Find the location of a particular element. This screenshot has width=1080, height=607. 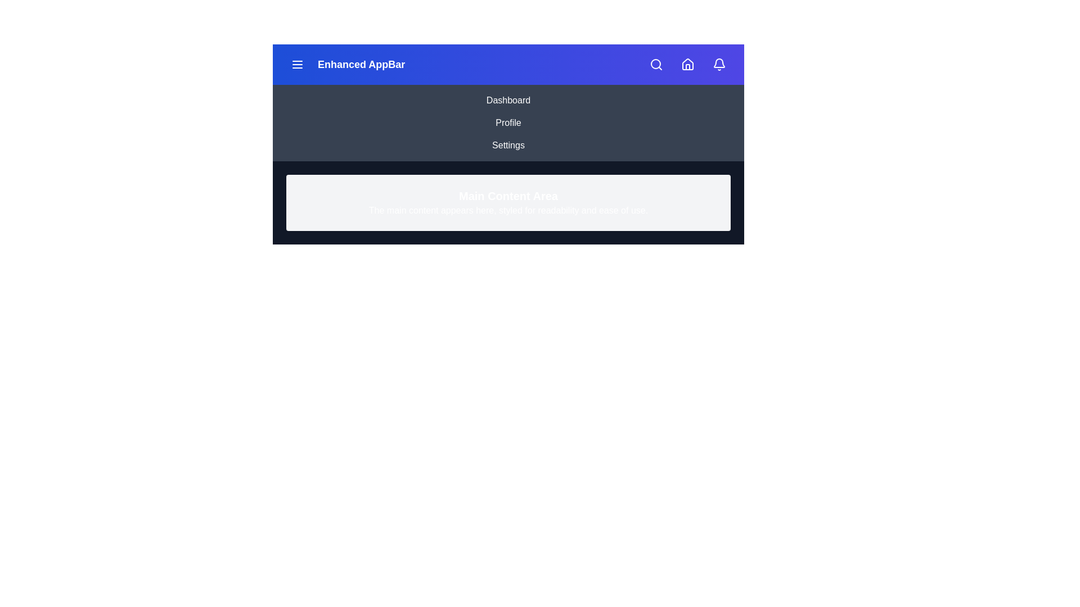

the Settings navigation link to navigate to the corresponding section is located at coordinates (507, 144).